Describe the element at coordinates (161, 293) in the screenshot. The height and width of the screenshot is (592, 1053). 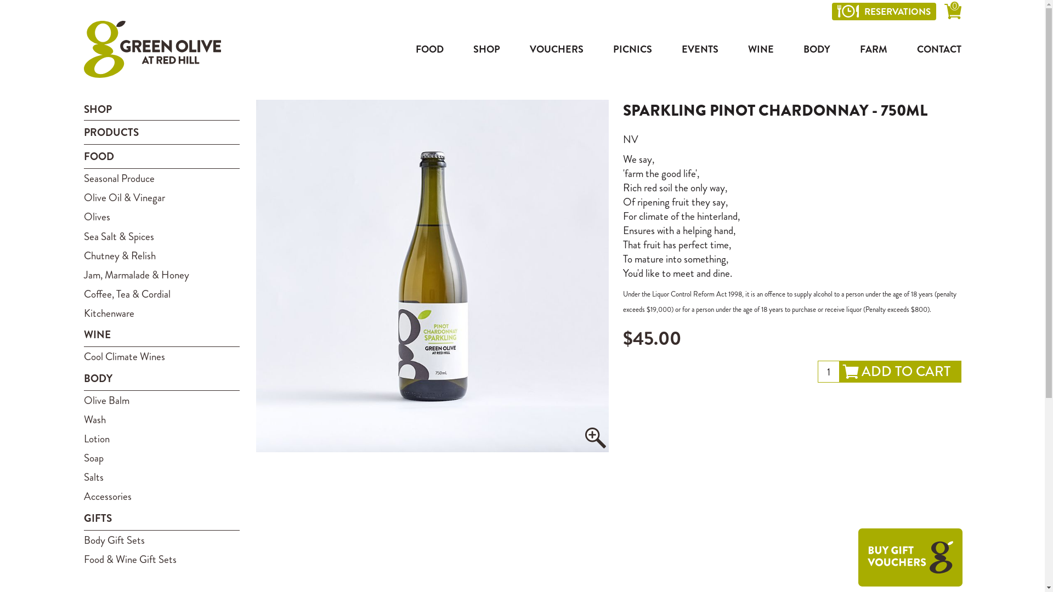
I see `'Coffee, Tea & Cordial'` at that location.